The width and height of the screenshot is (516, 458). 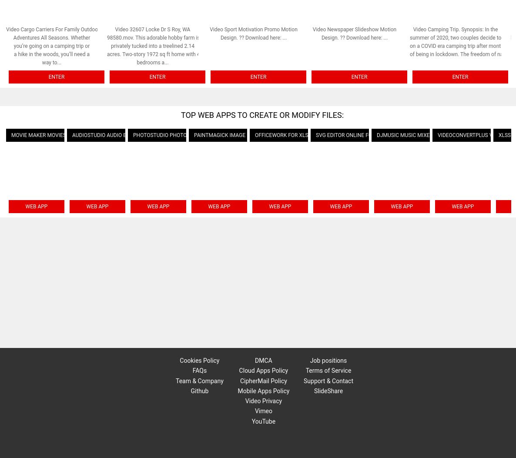 I want to click on 'FAQs', so click(x=199, y=370).